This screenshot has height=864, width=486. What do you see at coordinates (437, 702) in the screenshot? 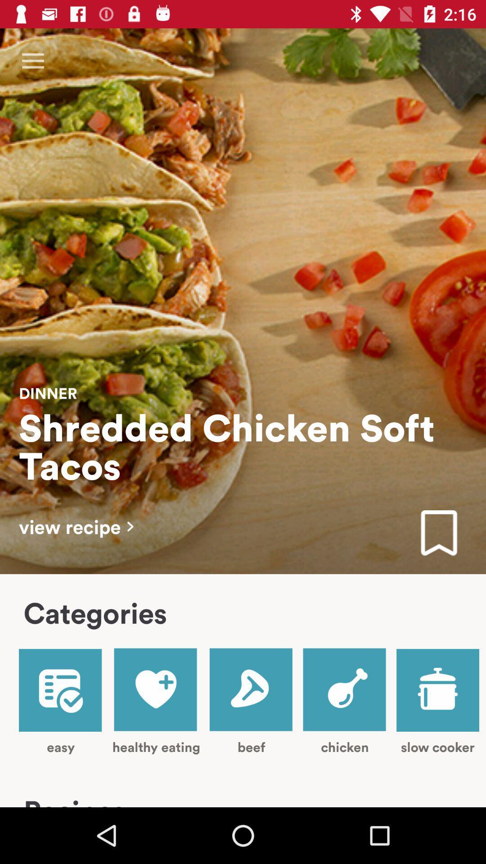
I see `the slow cooker icon` at bounding box center [437, 702].